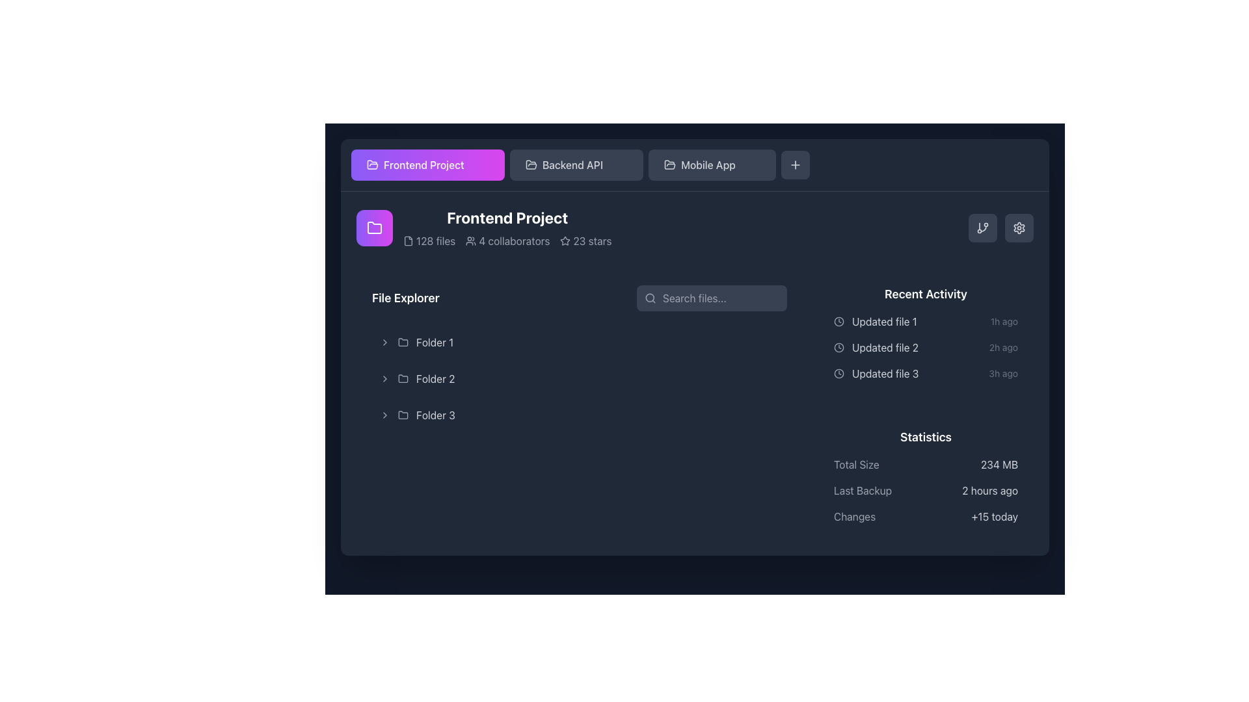 This screenshot has width=1249, height=702. I want to click on the 'Backend API' button located in the horizontal navigation bar, so click(576, 164).